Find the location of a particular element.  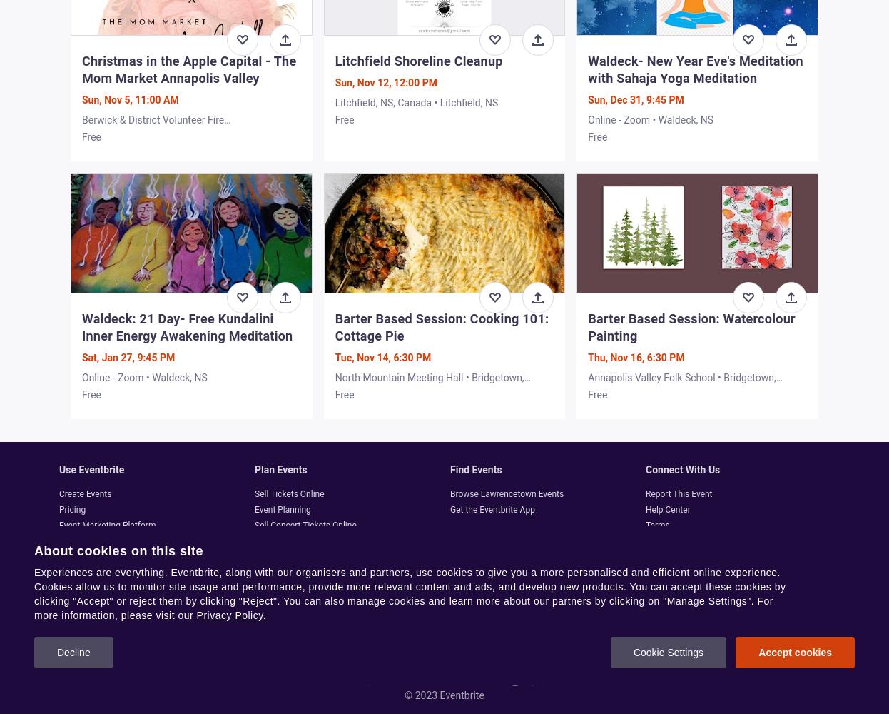

'Halloween Party Planning' is located at coordinates (303, 588).